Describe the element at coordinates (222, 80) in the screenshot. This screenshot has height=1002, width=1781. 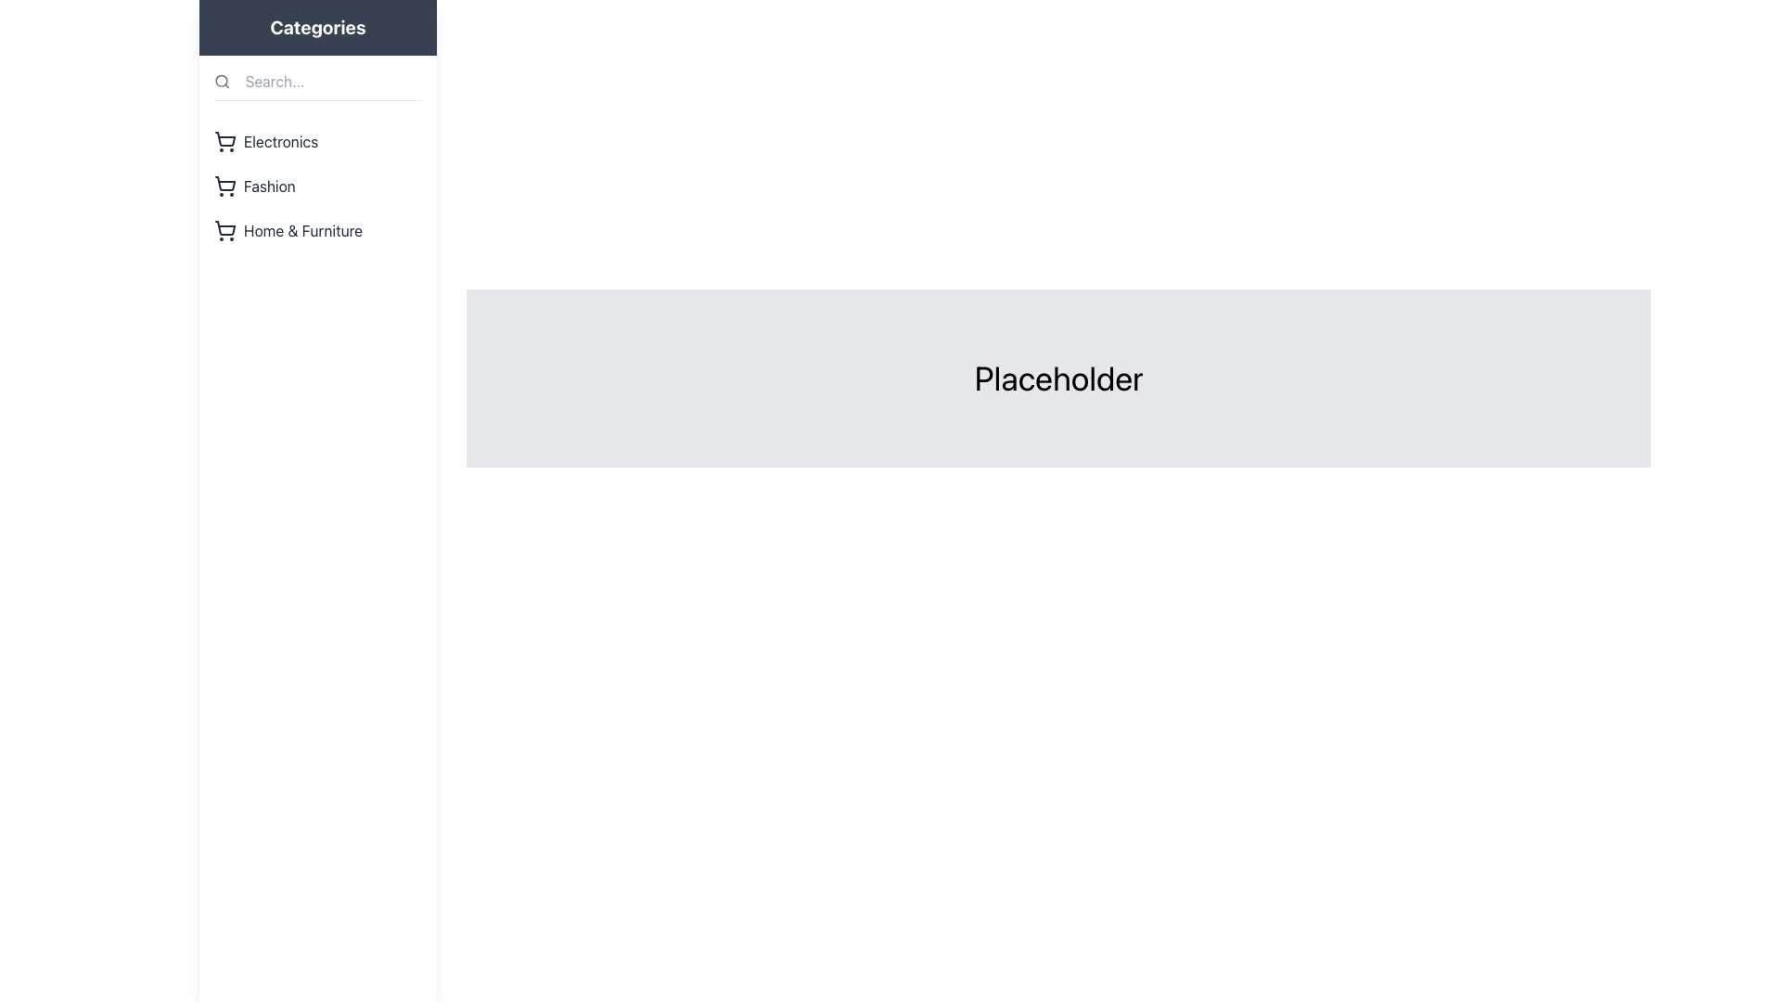
I see `the circular search icon located in the left navigation pane, adjacent to the 'Search...' placeholder text` at that location.